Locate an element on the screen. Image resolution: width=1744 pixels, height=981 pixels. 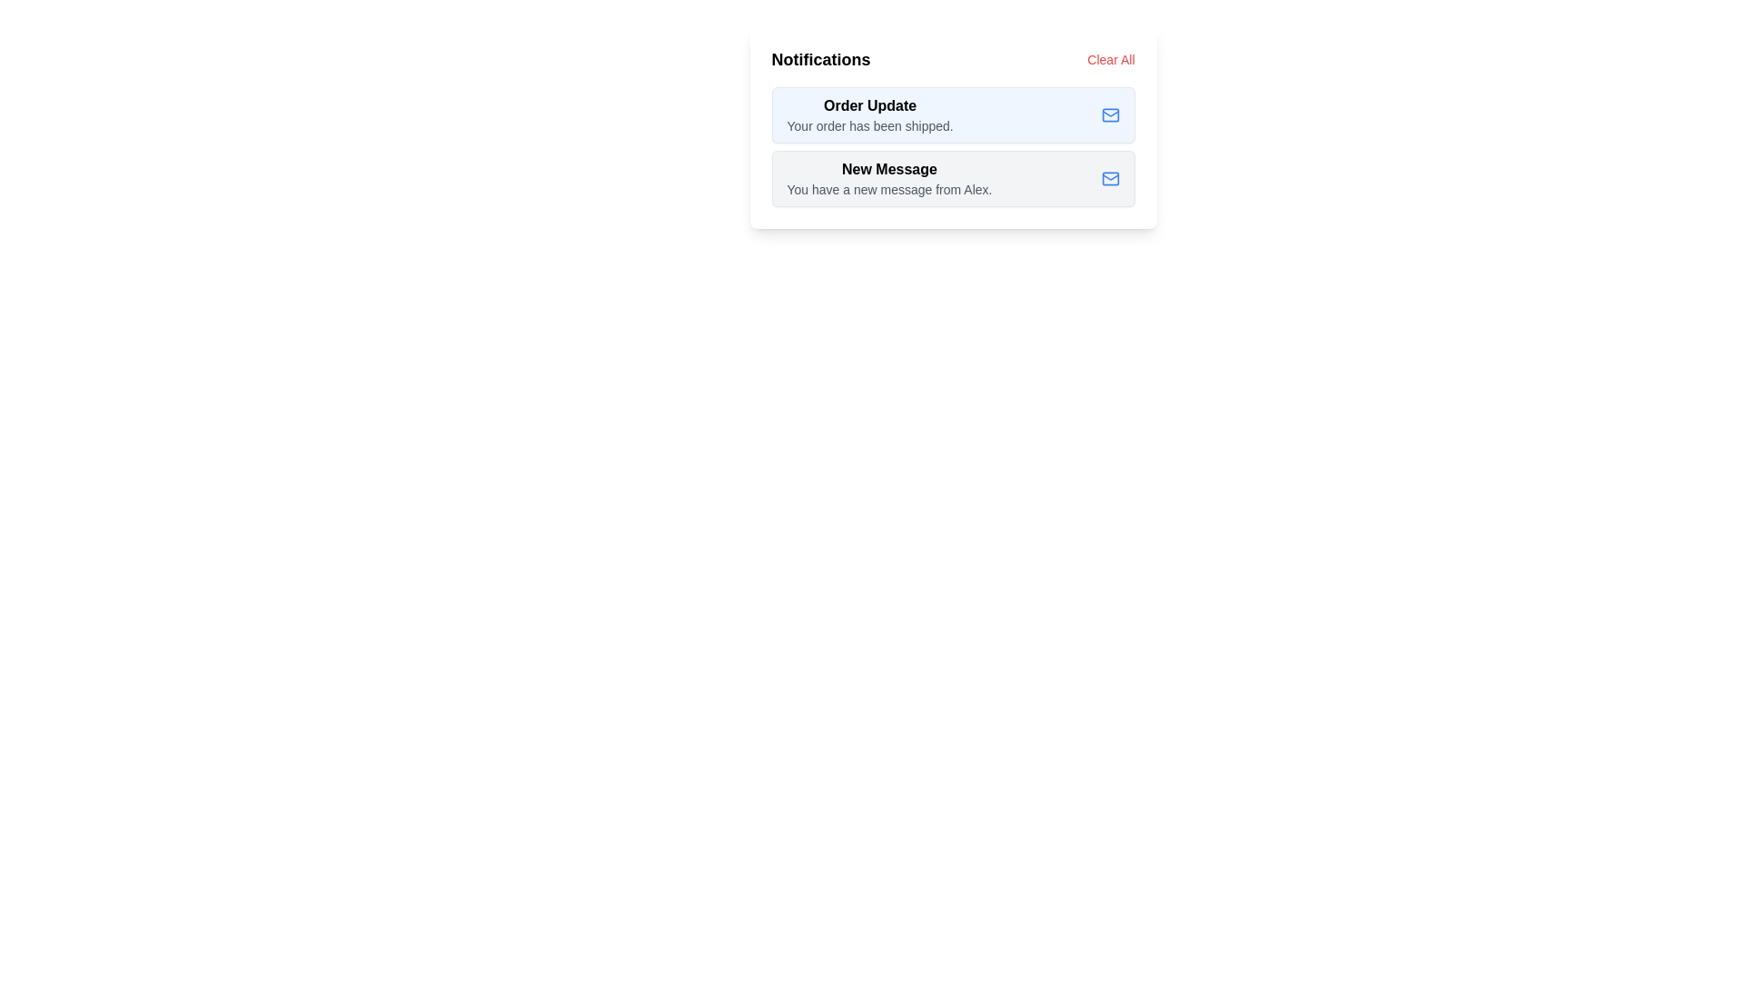
the static text element styled as a heading displaying 'Order Update', which is the first element in the notification card under 'Notifications' is located at coordinates (869, 105).